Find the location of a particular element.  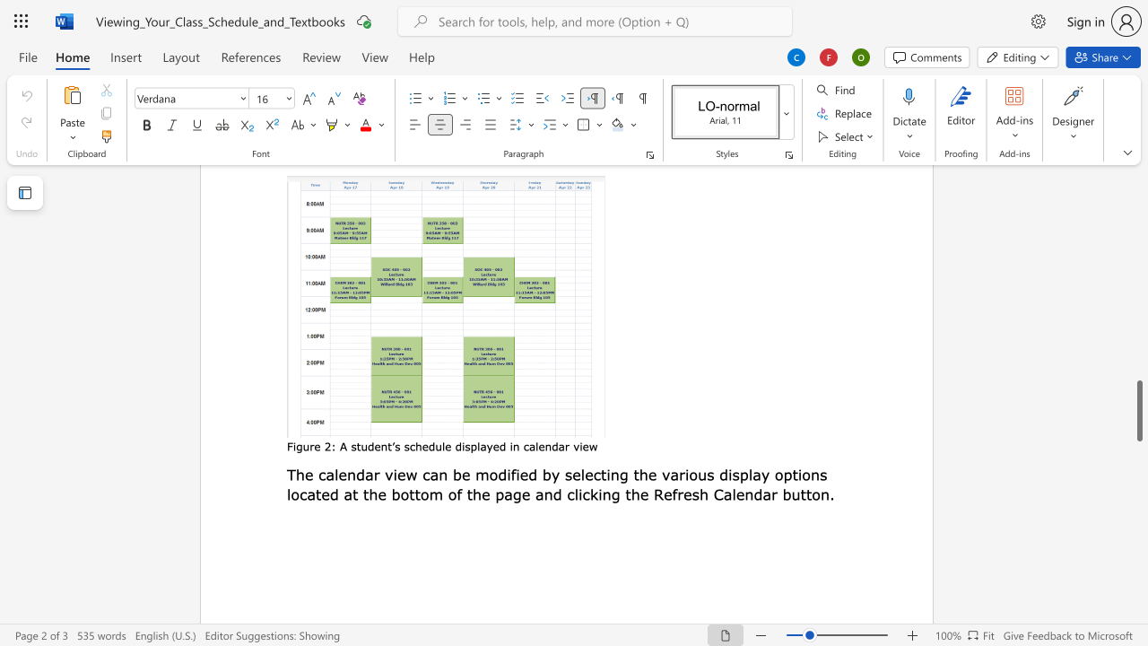

the scrollbar to adjust the page upward is located at coordinates (1138, 197).